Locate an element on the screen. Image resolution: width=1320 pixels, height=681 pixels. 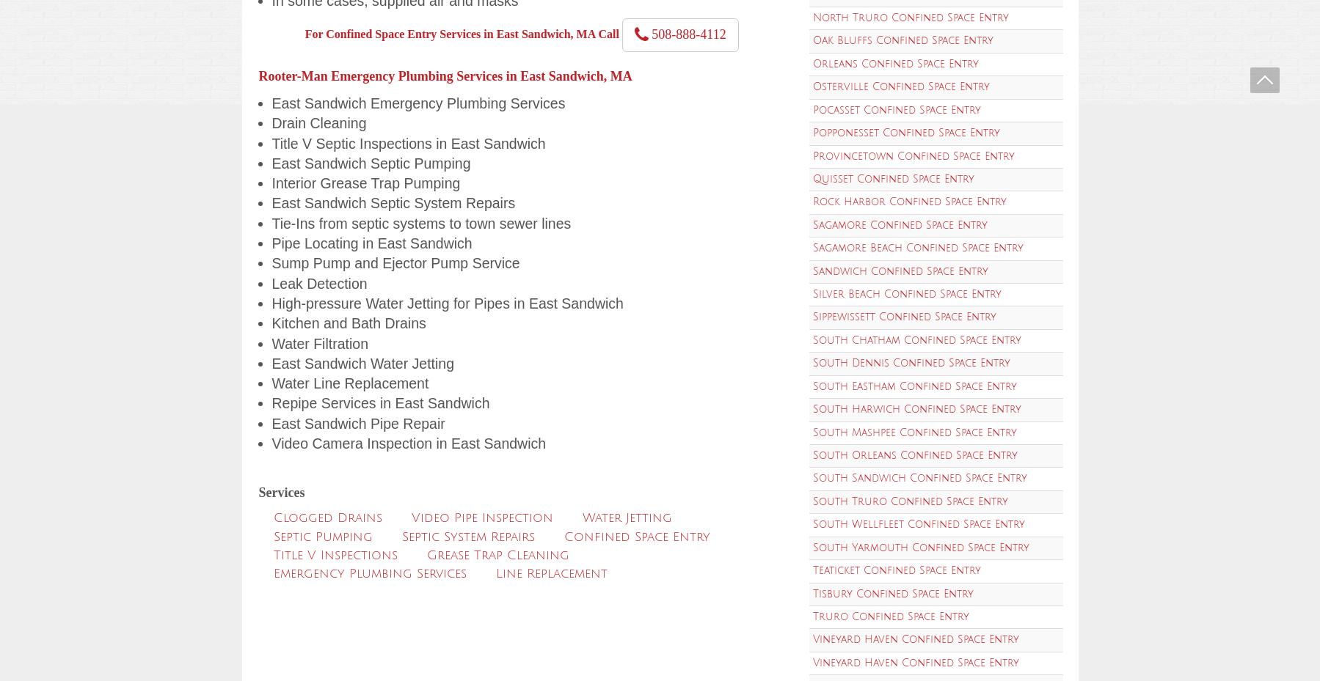
'South Dennis Confined Space Entry' is located at coordinates (811, 363).